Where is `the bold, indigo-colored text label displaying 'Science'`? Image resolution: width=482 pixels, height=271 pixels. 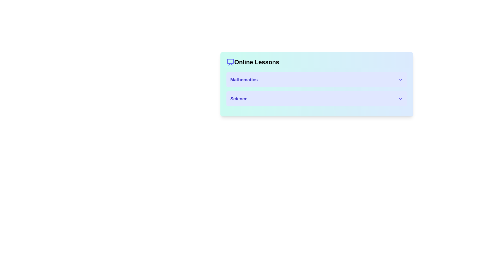 the bold, indigo-colored text label displaying 'Science' is located at coordinates (238, 99).